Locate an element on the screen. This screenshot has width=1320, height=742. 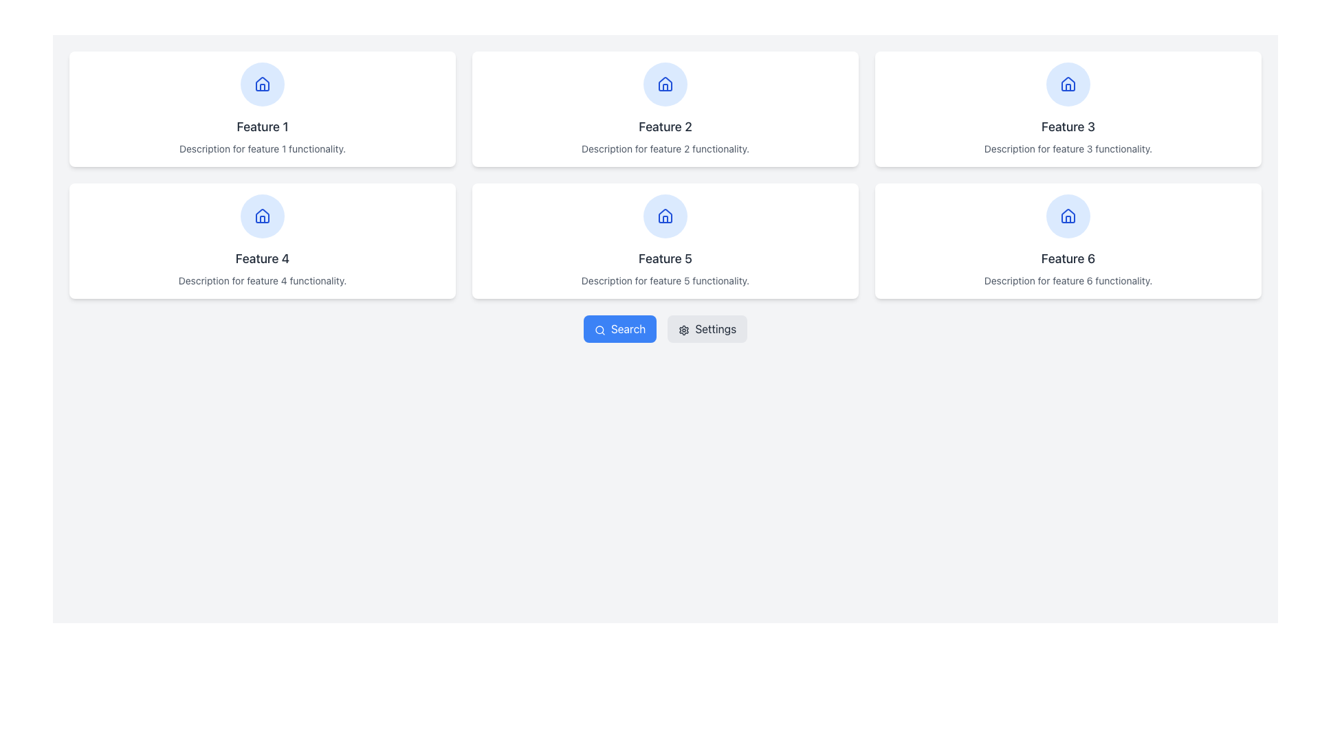
the home icon located in the lower-left quadrant of the grid layout, specifically within Feature 4, which is depicted with a circular blue background is located at coordinates (263, 215).